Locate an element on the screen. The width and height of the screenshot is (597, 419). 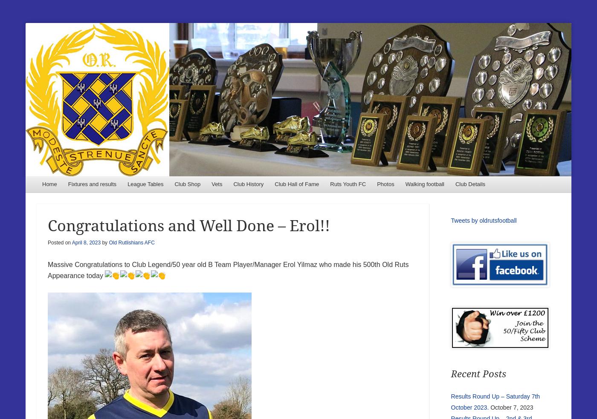
'Tweets by oldrutsfootball' is located at coordinates (484, 220).